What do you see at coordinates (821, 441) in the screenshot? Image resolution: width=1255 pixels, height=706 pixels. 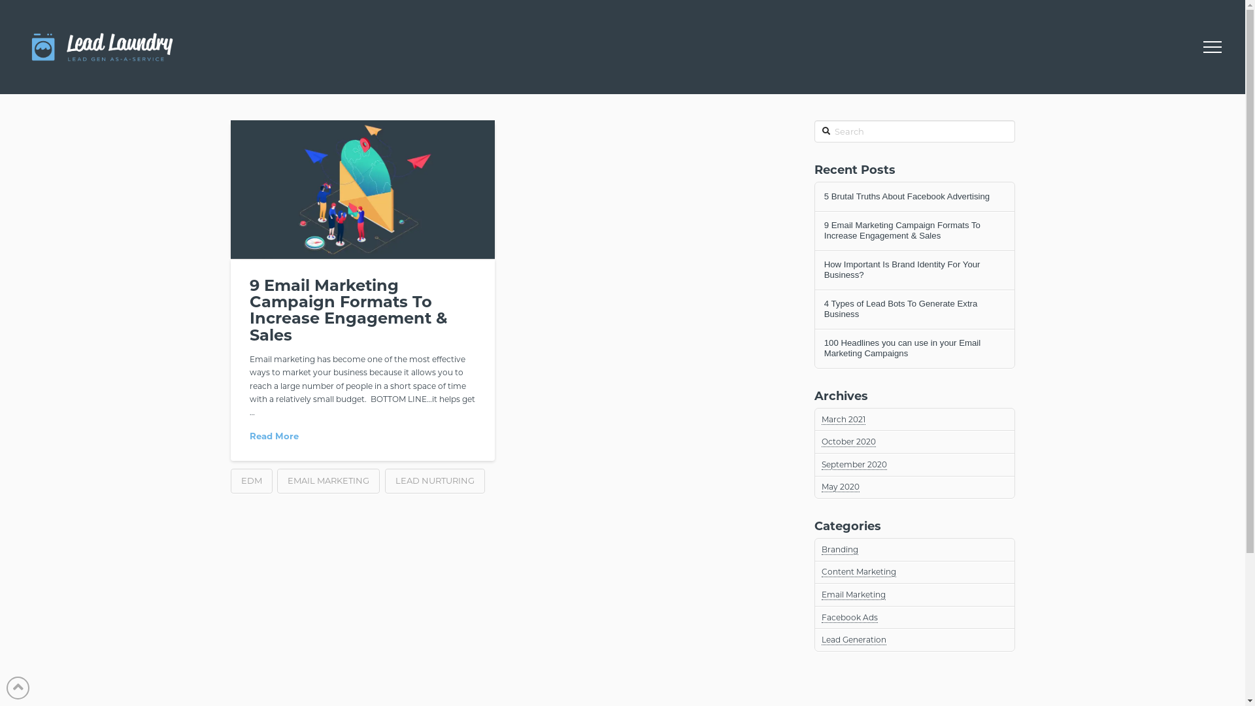 I see `'October 2020'` at bounding box center [821, 441].